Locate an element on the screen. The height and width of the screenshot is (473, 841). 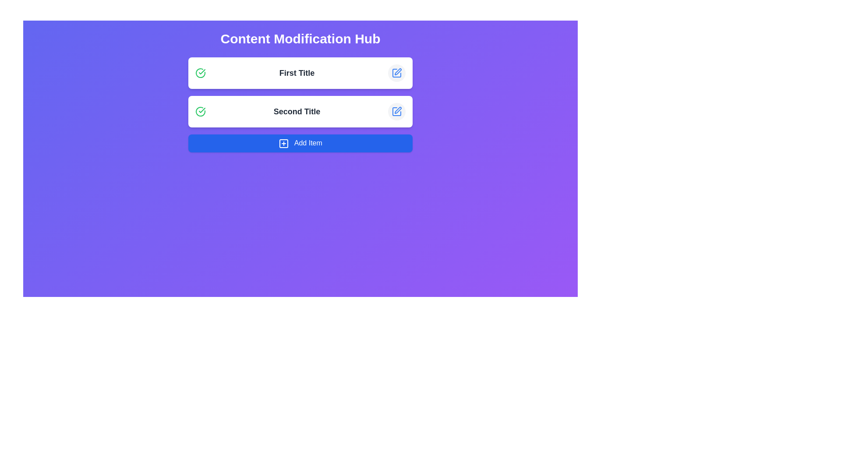
the green circular icon with a checkmark that is located to the left of the text 'First Title' is located at coordinates (200, 72).